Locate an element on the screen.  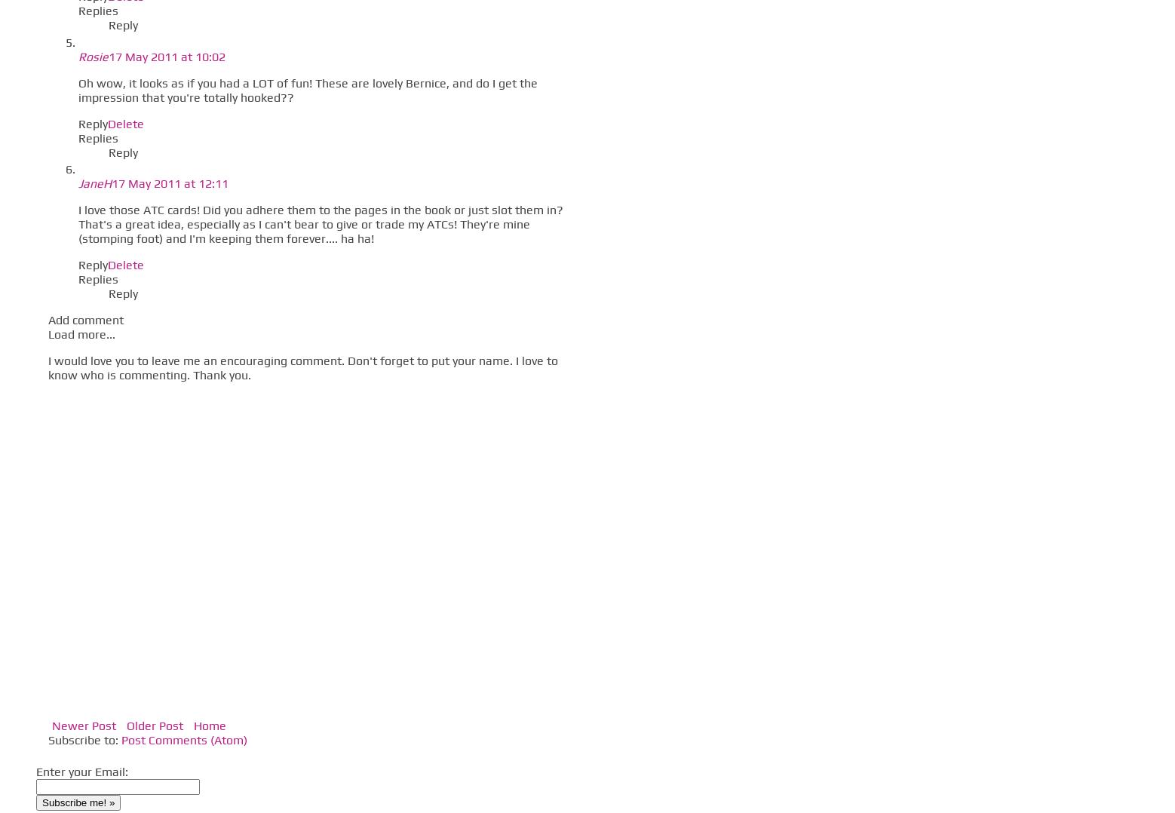
'Newer Post' is located at coordinates (83, 724).